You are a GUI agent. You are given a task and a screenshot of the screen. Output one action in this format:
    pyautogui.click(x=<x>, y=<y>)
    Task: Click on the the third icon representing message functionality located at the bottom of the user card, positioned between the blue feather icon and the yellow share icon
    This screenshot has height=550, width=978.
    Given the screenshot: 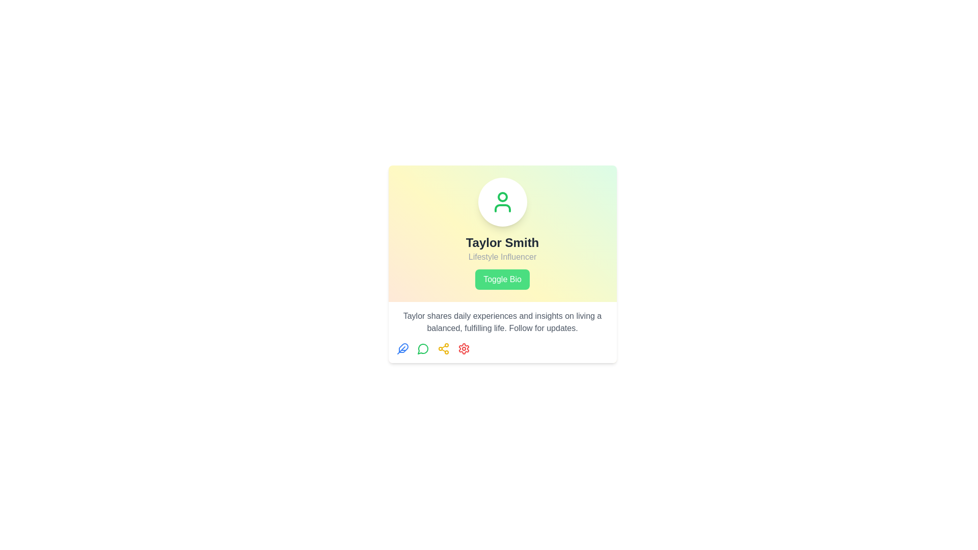 What is the action you would take?
    pyautogui.click(x=423, y=348)
    